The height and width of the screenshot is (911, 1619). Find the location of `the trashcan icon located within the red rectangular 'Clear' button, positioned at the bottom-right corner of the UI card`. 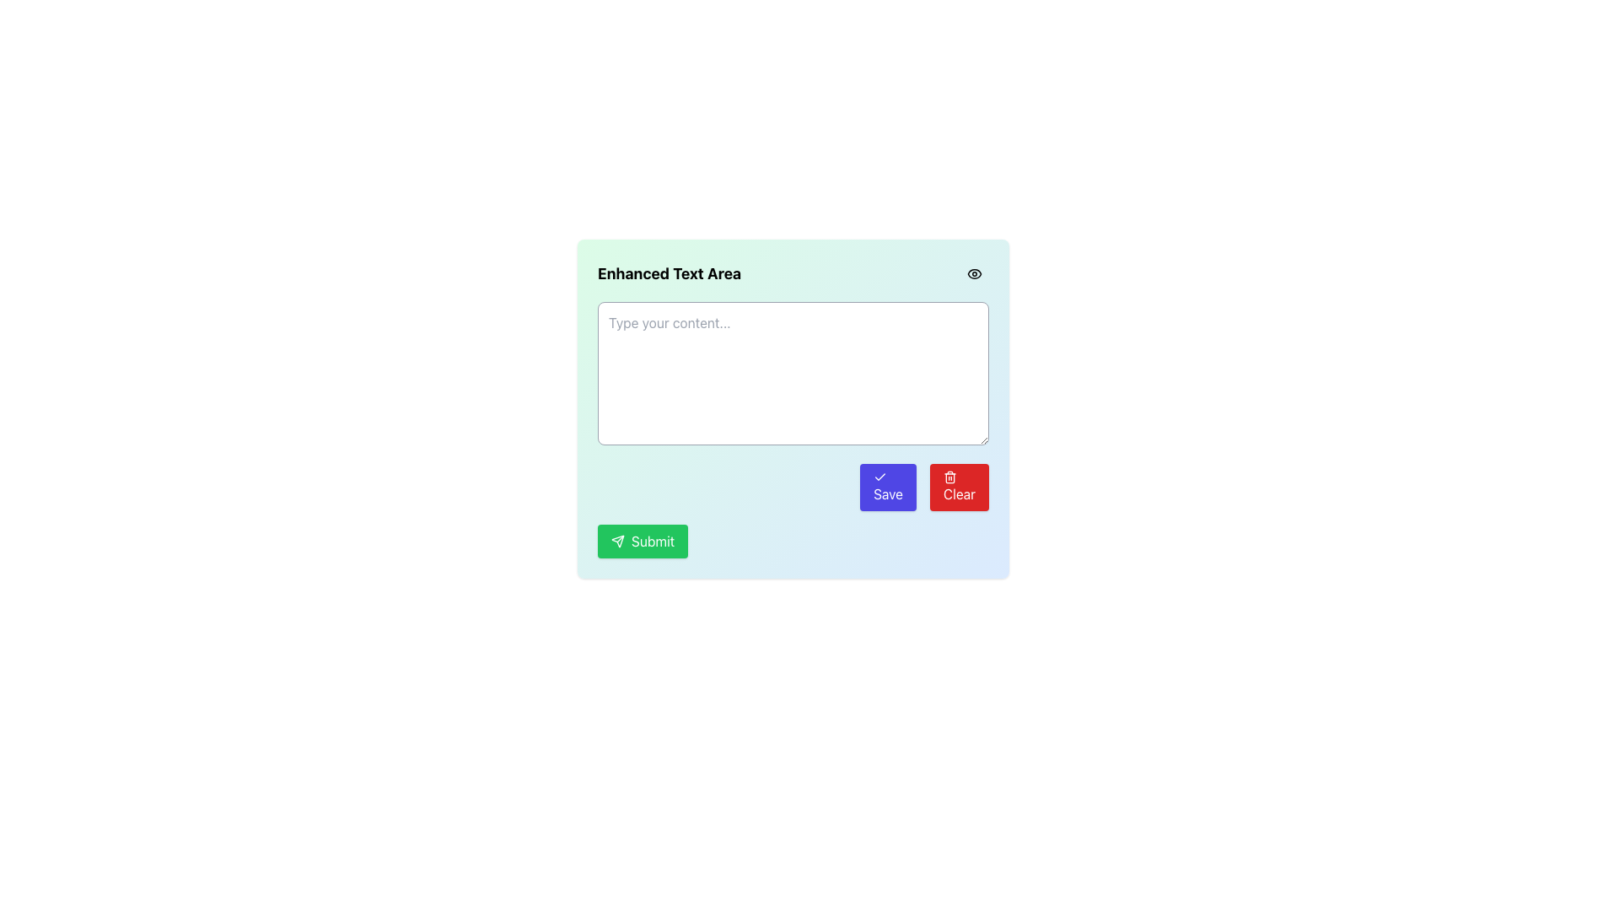

the trashcan icon located within the red rectangular 'Clear' button, positioned at the bottom-right corner of the UI card is located at coordinates (950, 477).